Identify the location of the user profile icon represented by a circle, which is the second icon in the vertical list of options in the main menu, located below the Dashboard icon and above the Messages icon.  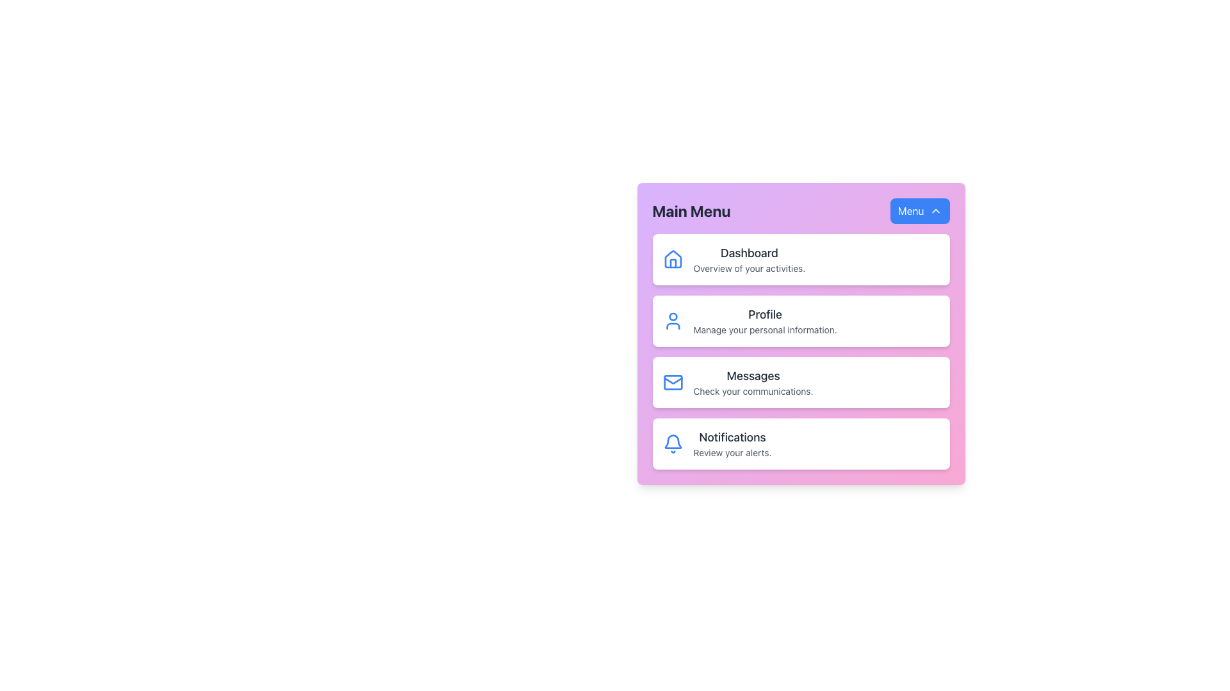
(672, 317).